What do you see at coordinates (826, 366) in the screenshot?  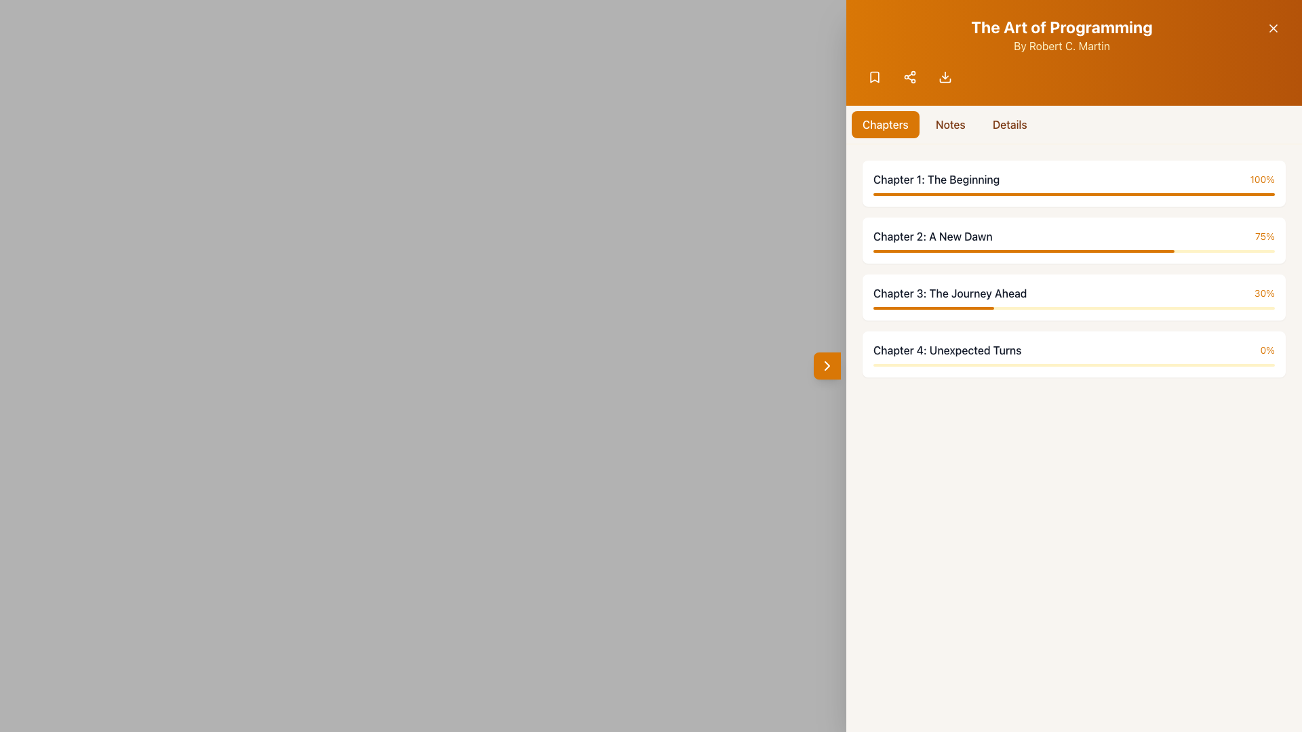 I see `the right-facing arrow icon` at bounding box center [826, 366].